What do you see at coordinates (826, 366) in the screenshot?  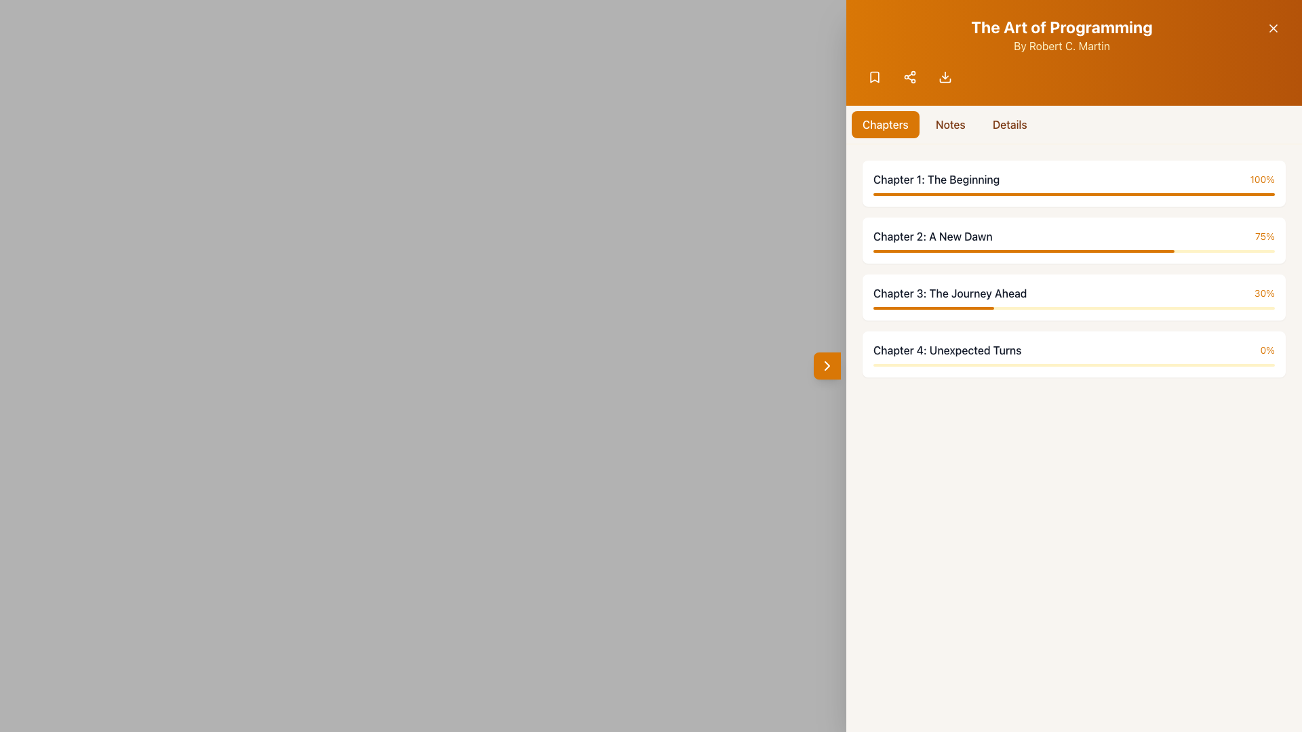 I see `the right-facing arrow icon` at bounding box center [826, 366].